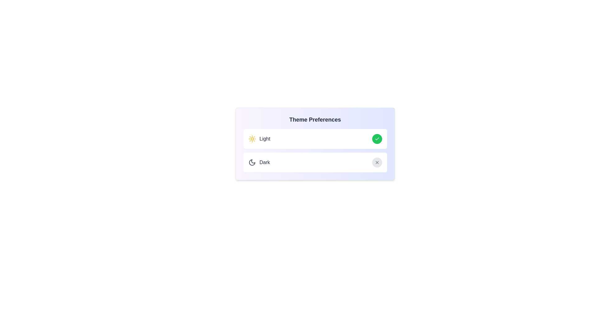  What do you see at coordinates (252, 138) in the screenshot?
I see `the 'Sun' icon to toggle the 'Light' theme` at bounding box center [252, 138].